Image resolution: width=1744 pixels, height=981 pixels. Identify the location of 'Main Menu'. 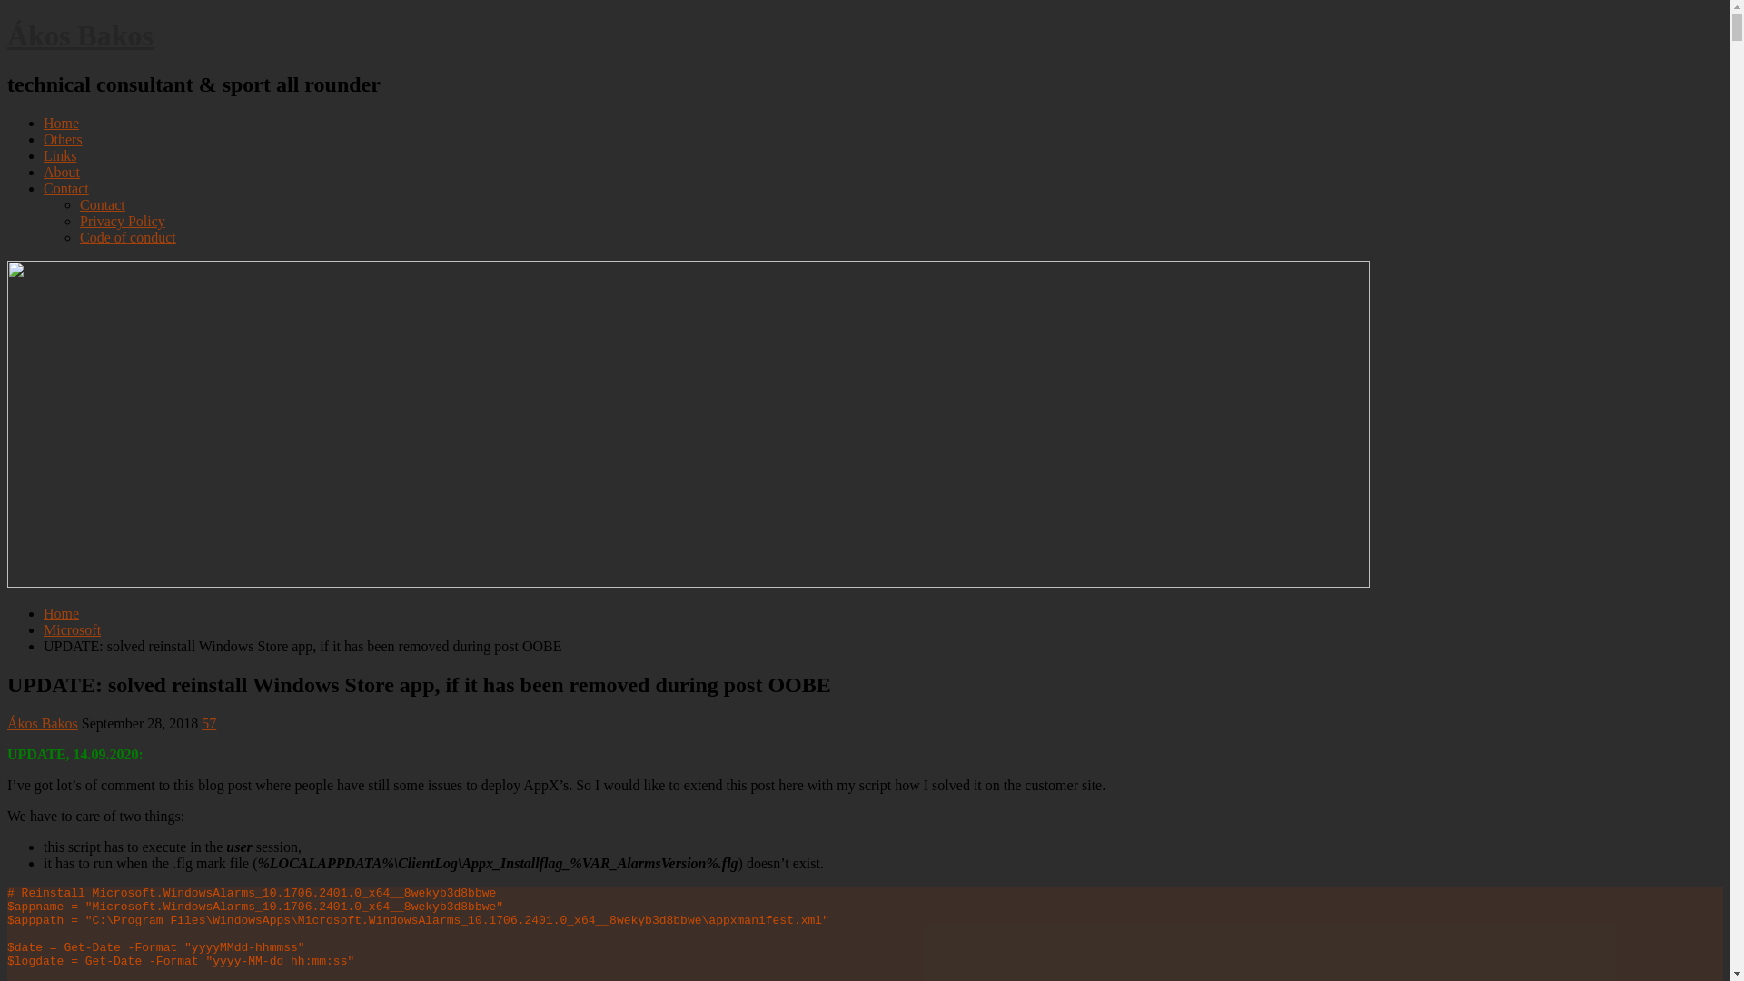
(6, 114).